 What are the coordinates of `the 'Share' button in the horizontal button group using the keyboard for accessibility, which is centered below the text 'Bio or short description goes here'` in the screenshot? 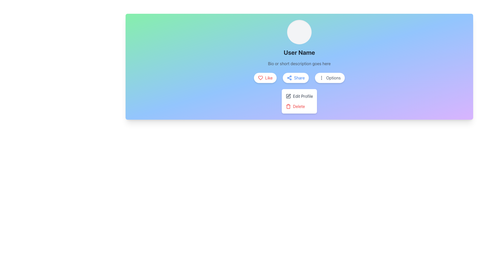 It's located at (299, 78).